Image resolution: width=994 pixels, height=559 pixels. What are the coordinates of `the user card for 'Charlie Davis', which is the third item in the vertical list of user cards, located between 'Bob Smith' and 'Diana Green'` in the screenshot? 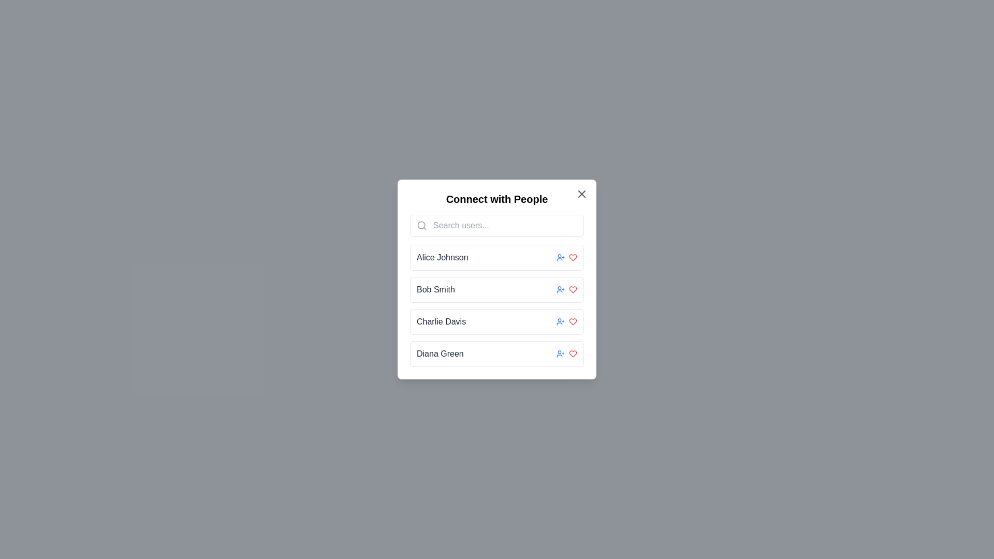 It's located at (497, 321).